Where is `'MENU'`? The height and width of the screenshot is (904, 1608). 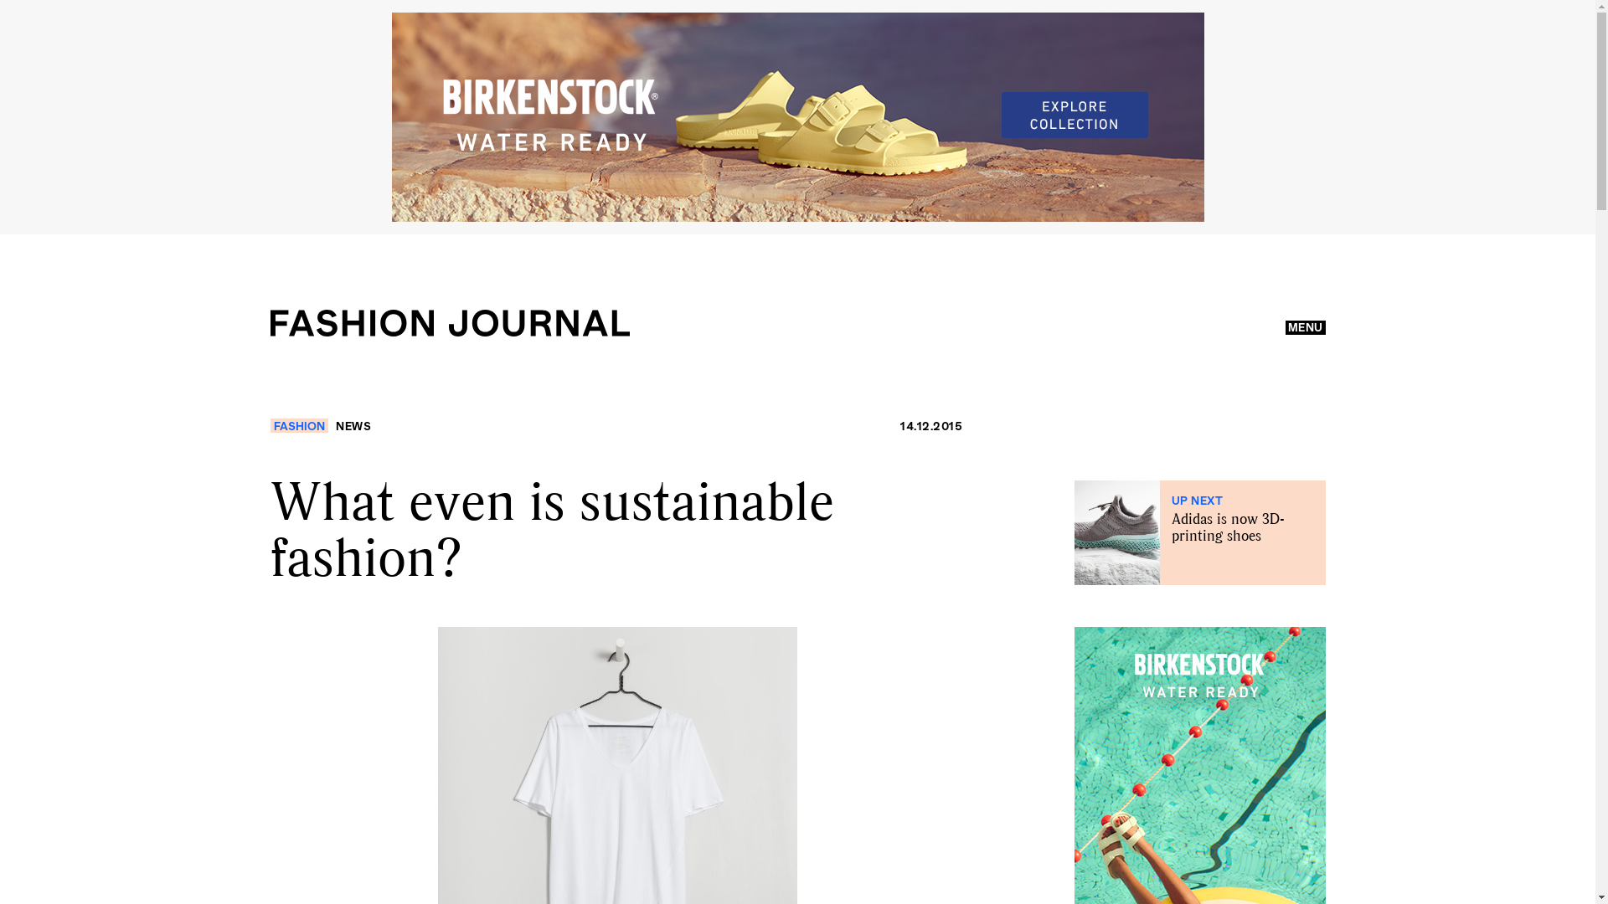
'MENU' is located at coordinates (1284, 327).